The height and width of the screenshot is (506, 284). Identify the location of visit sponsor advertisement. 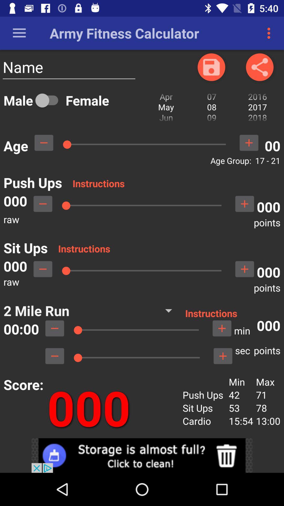
(142, 455).